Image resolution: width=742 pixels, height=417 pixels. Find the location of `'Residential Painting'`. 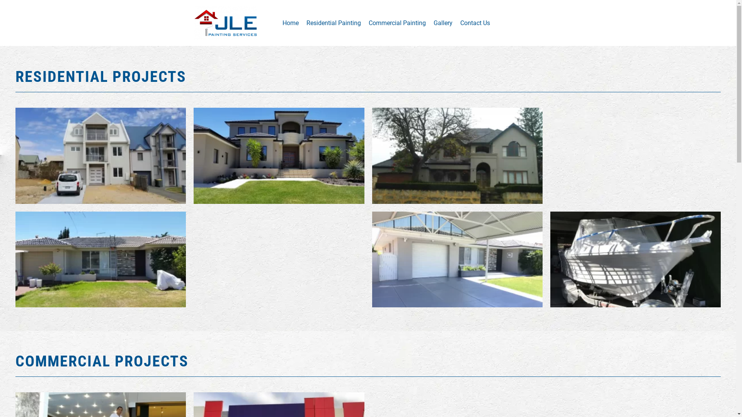

'Residential Painting' is located at coordinates (333, 22).